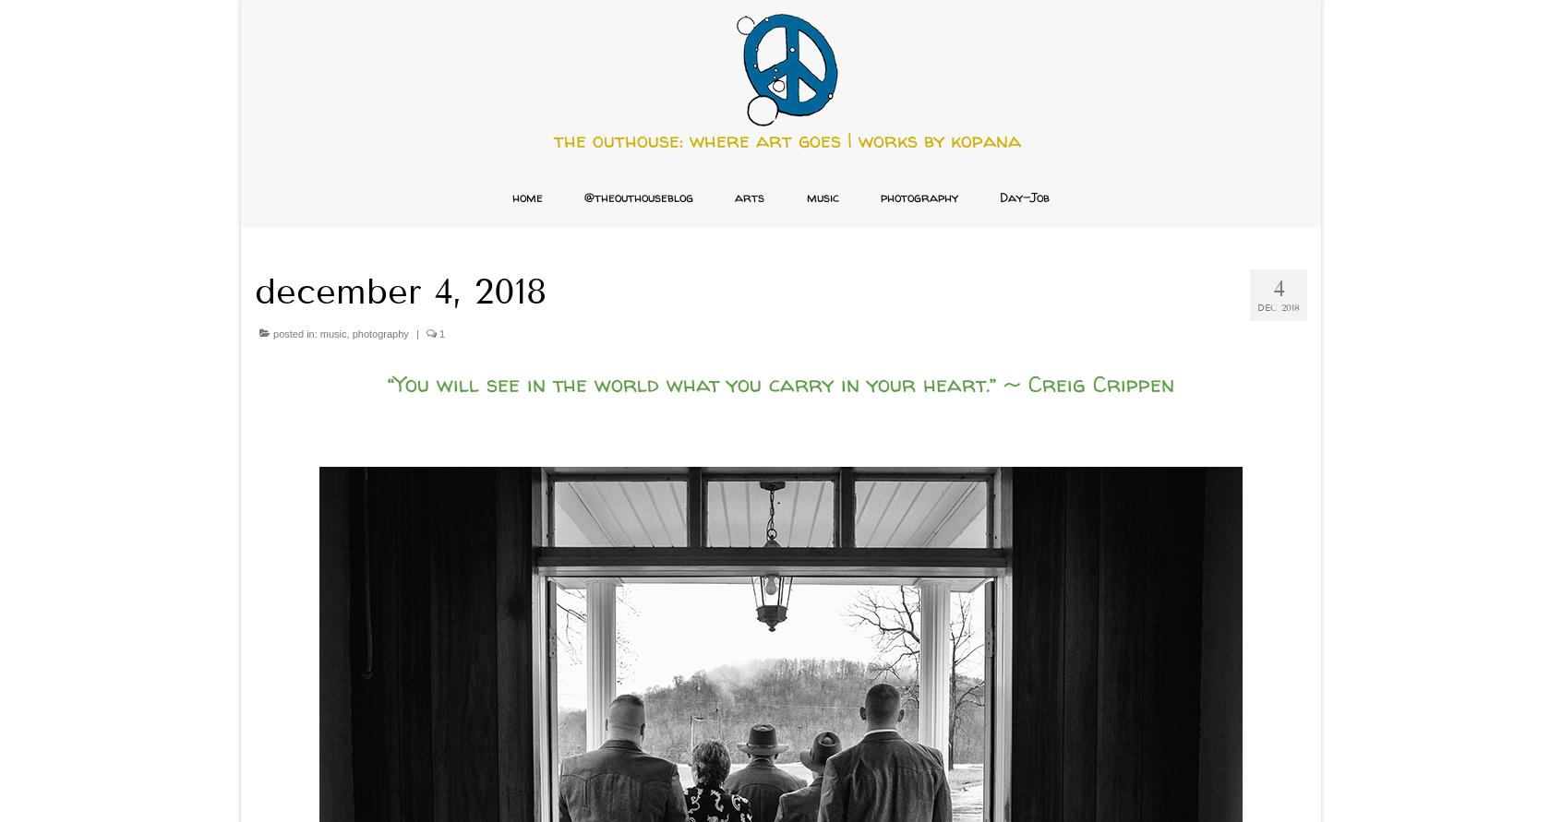 This screenshot has height=822, width=1562. I want to click on 'home', so click(526, 197).